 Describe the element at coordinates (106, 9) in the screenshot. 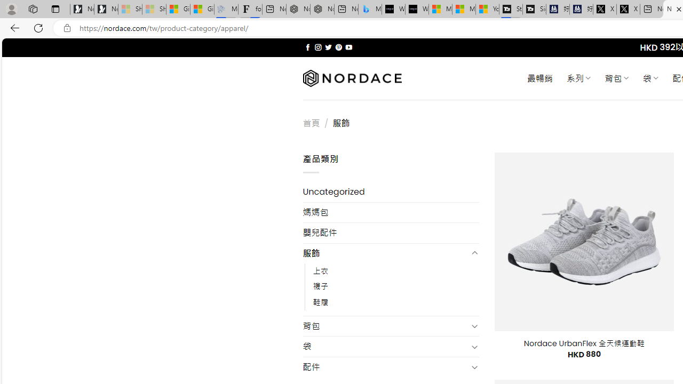

I see `'Newsletter Sign Up'` at that location.